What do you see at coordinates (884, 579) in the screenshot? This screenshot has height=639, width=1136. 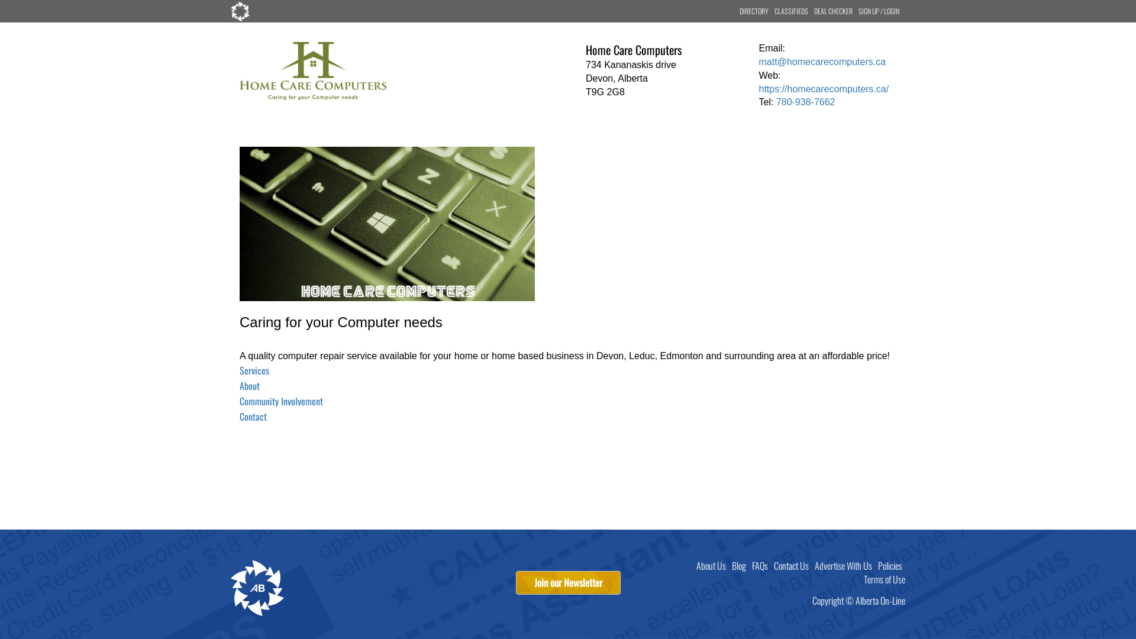 I see `'Terms of Use'` at bounding box center [884, 579].